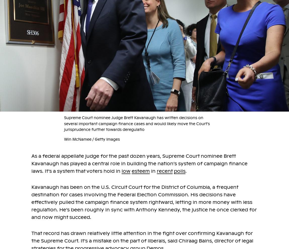  Describe the element at coordinates (139, 163) in the screenshot. I see `'As a federal appellate judge for the past dozen years, Supreme Court nominee Brett Kavanaugh has played a central role in building the nation’s system of campaign finance laws. It’s a system that voters hold in'` at that location.